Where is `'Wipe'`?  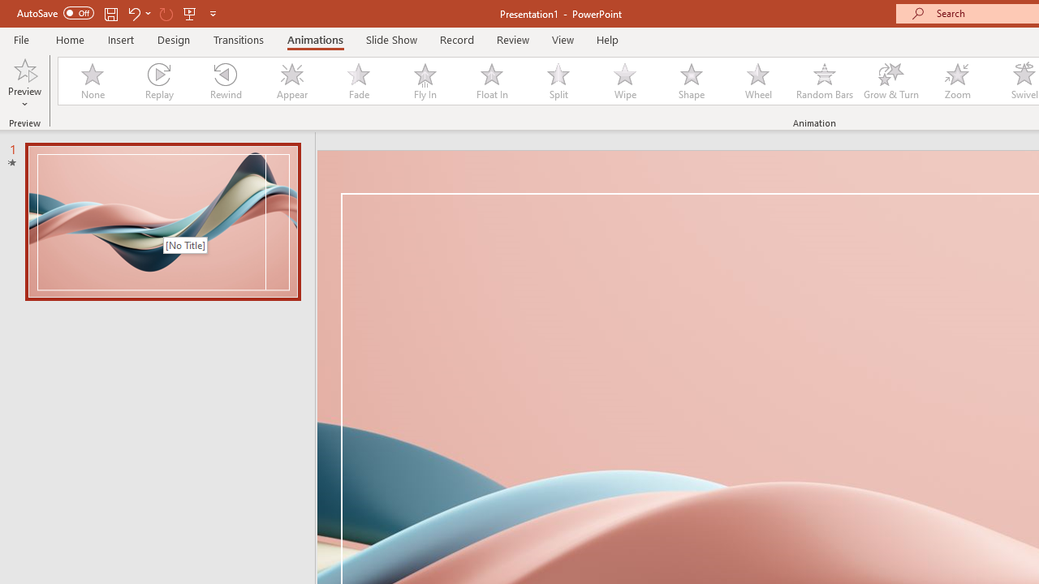
'Wipe' is located at coordinates (624, 81).